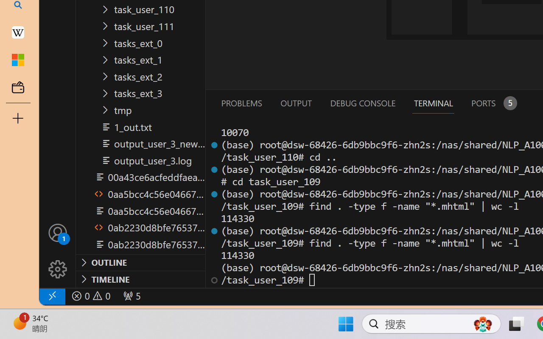 The image size is (543, 339). Describe the element at coordinates (241, 103) in the screenshot. I see `'Problems (Ctrl+Shift+M)'` at that location.